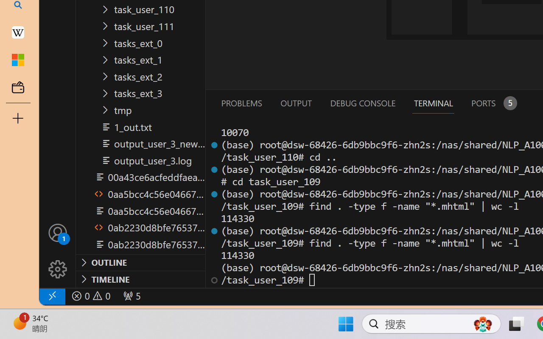 The image size is (543, 339). Describe the element at coordinates (241, 103) in the screenshot. I see `'Problems (Ctrl+Shift+M)'` at that location.